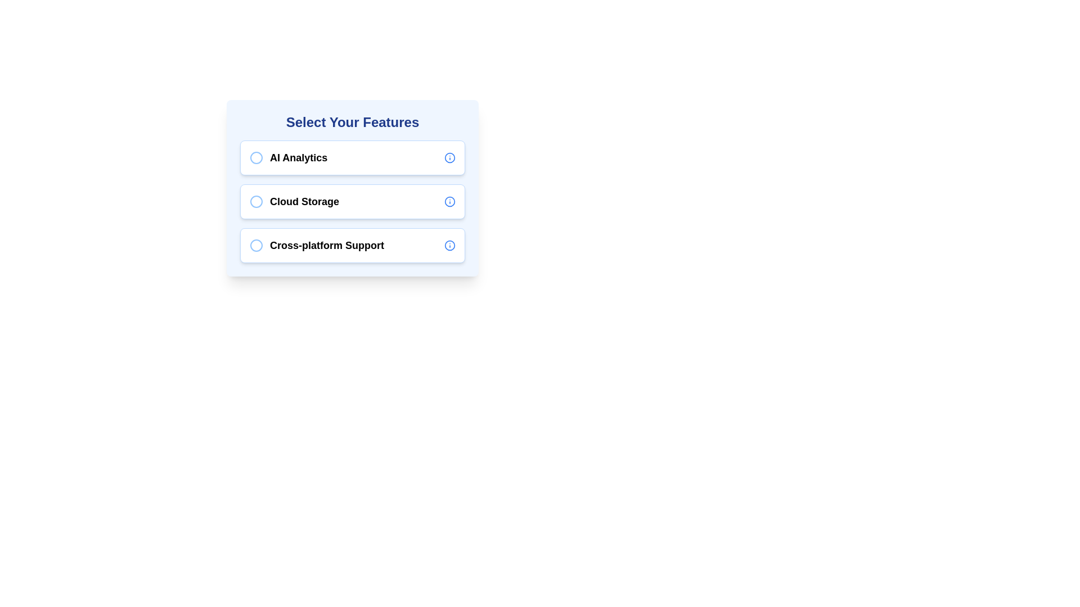 This screenshot has height=607, width=1080. What do you see at coordinates (256, 158) in the screenshot?
I see `the small hollow blue circle graphic located at the center of the icon space beside the 'AI Analytics' list item` at bounding box center [256, 158].